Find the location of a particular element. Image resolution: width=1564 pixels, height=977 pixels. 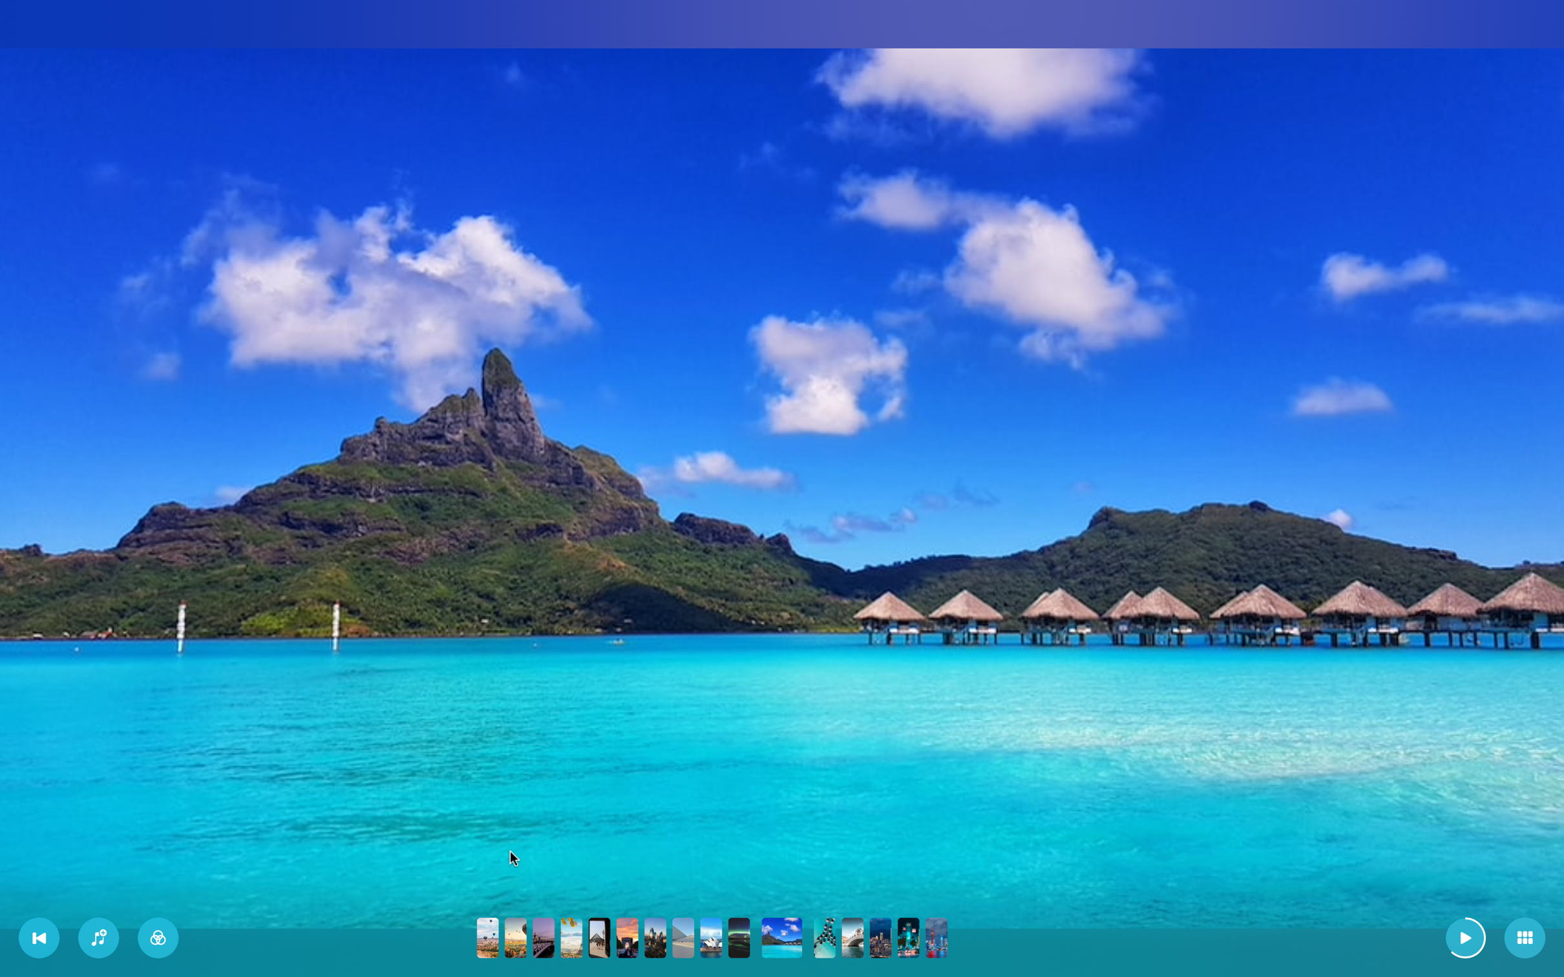

Switch to tile mode is located at coordinates (1525, 938).